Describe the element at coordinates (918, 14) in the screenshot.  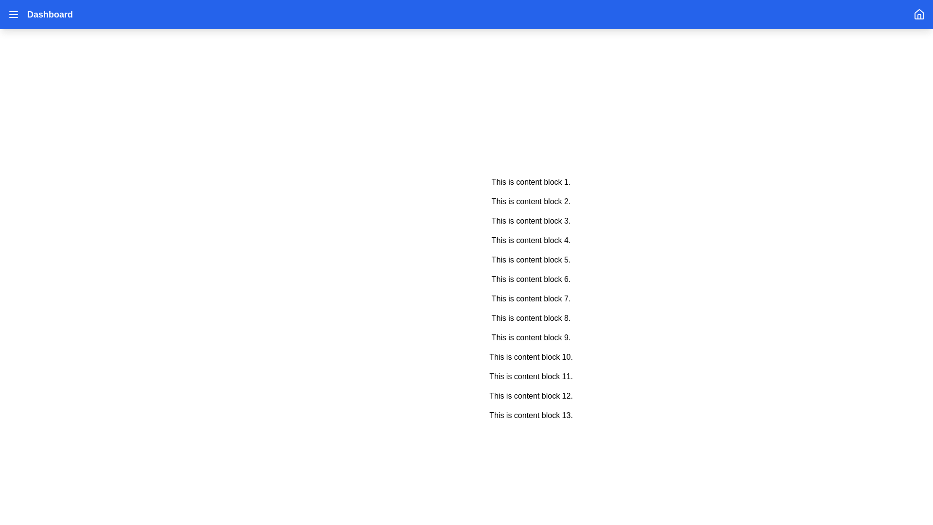
I see `the house icon located at the top-right corner of the application interface within the blue header` at that location.